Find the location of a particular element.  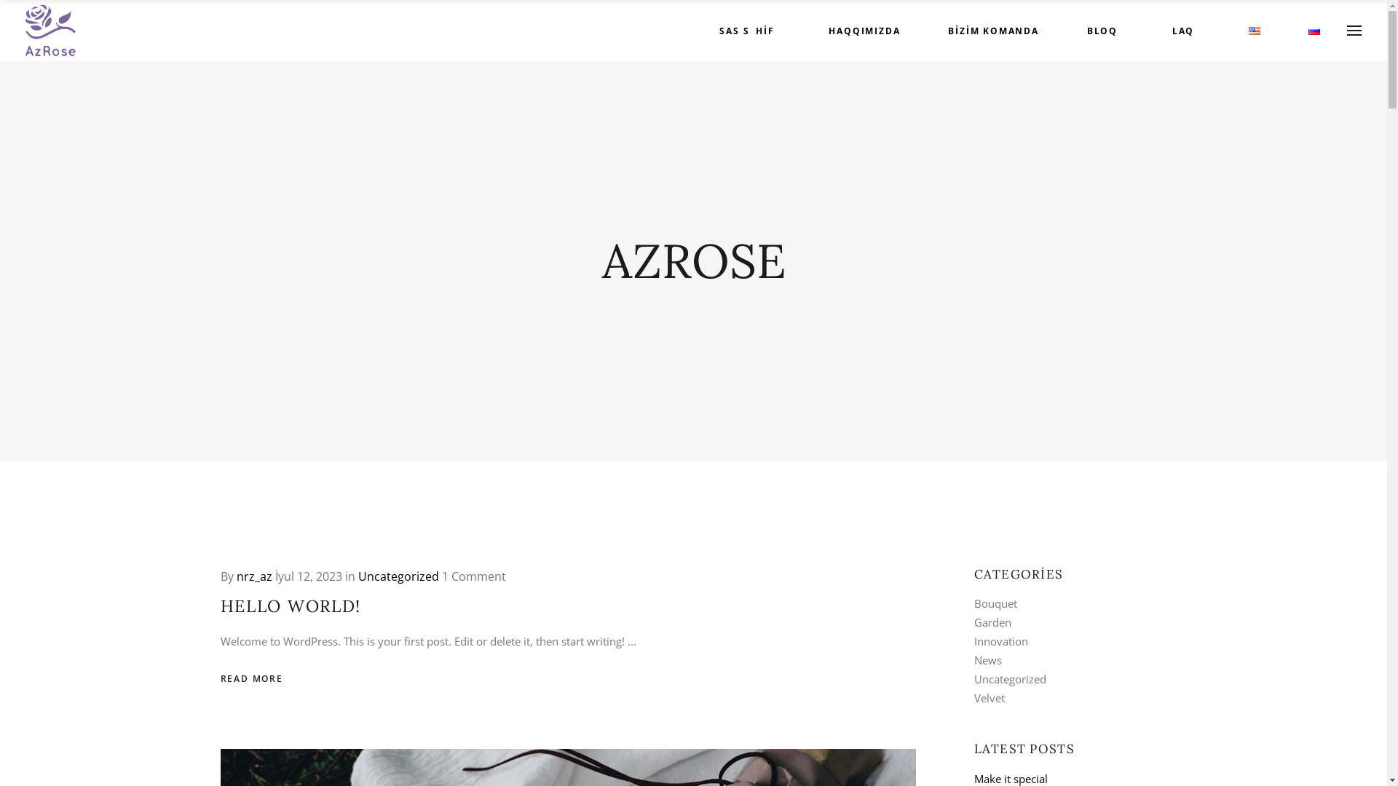

'Bouquet' is located at coordinates (995, 603).